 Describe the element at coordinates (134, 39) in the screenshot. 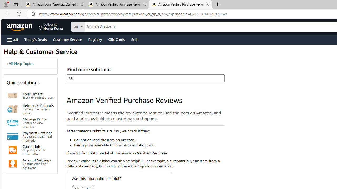

I see `'Sell'` at that location.